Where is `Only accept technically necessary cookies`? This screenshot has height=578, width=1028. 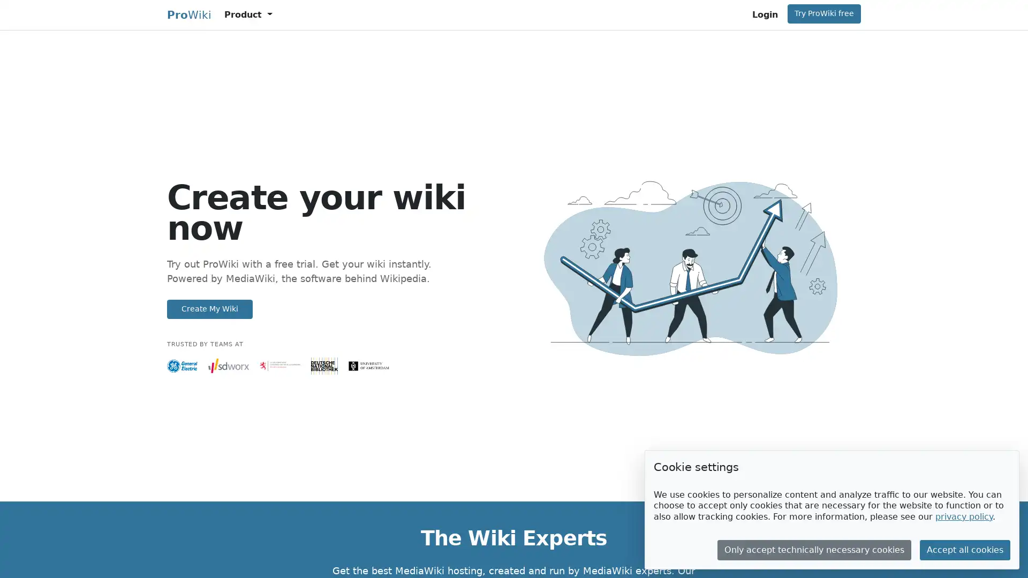 Only accept technically necessary cookies is located at coordinates (814, 550).